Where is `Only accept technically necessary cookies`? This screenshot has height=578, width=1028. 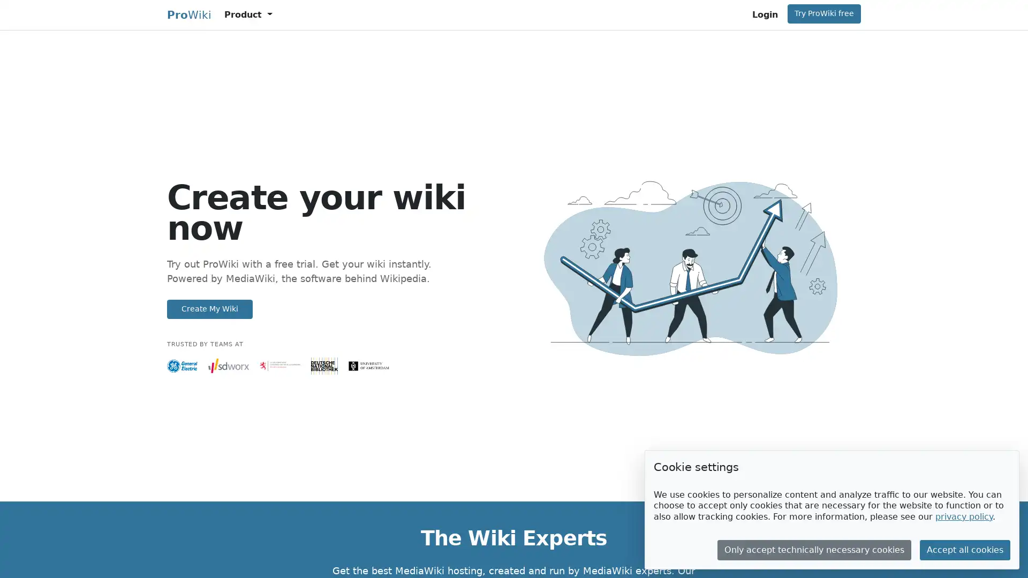 Only accept technically necessary cookies is located at coordinates (814, 550).